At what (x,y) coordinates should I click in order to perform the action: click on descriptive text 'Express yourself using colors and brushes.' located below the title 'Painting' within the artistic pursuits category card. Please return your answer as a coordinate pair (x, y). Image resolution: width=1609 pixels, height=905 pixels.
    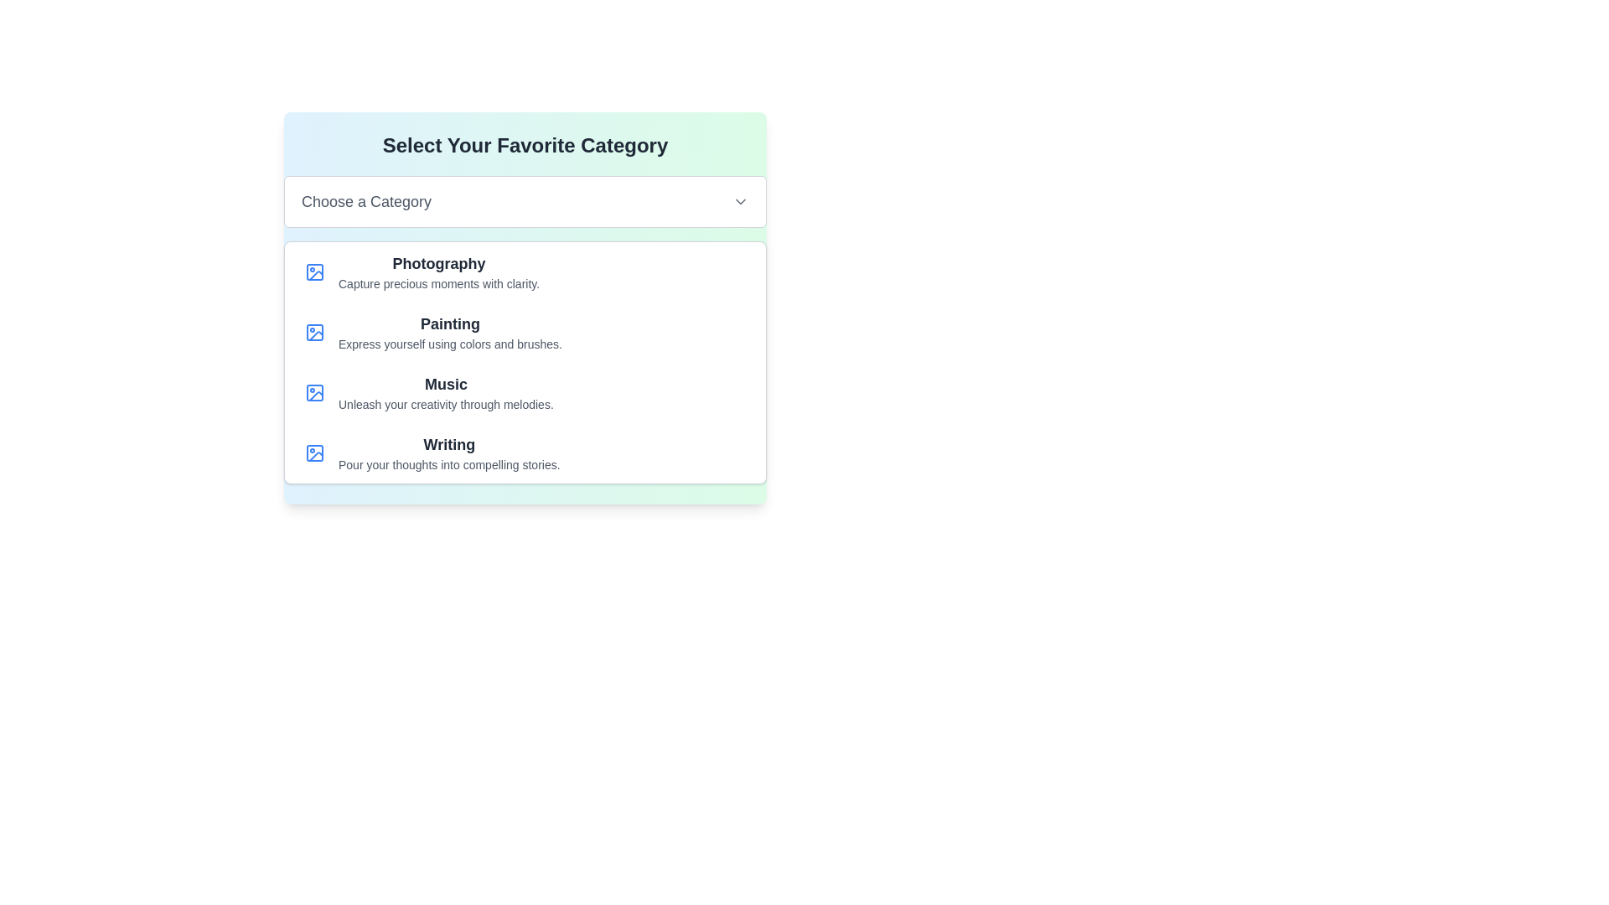
    Looking at the image, I should click on (450, 344).